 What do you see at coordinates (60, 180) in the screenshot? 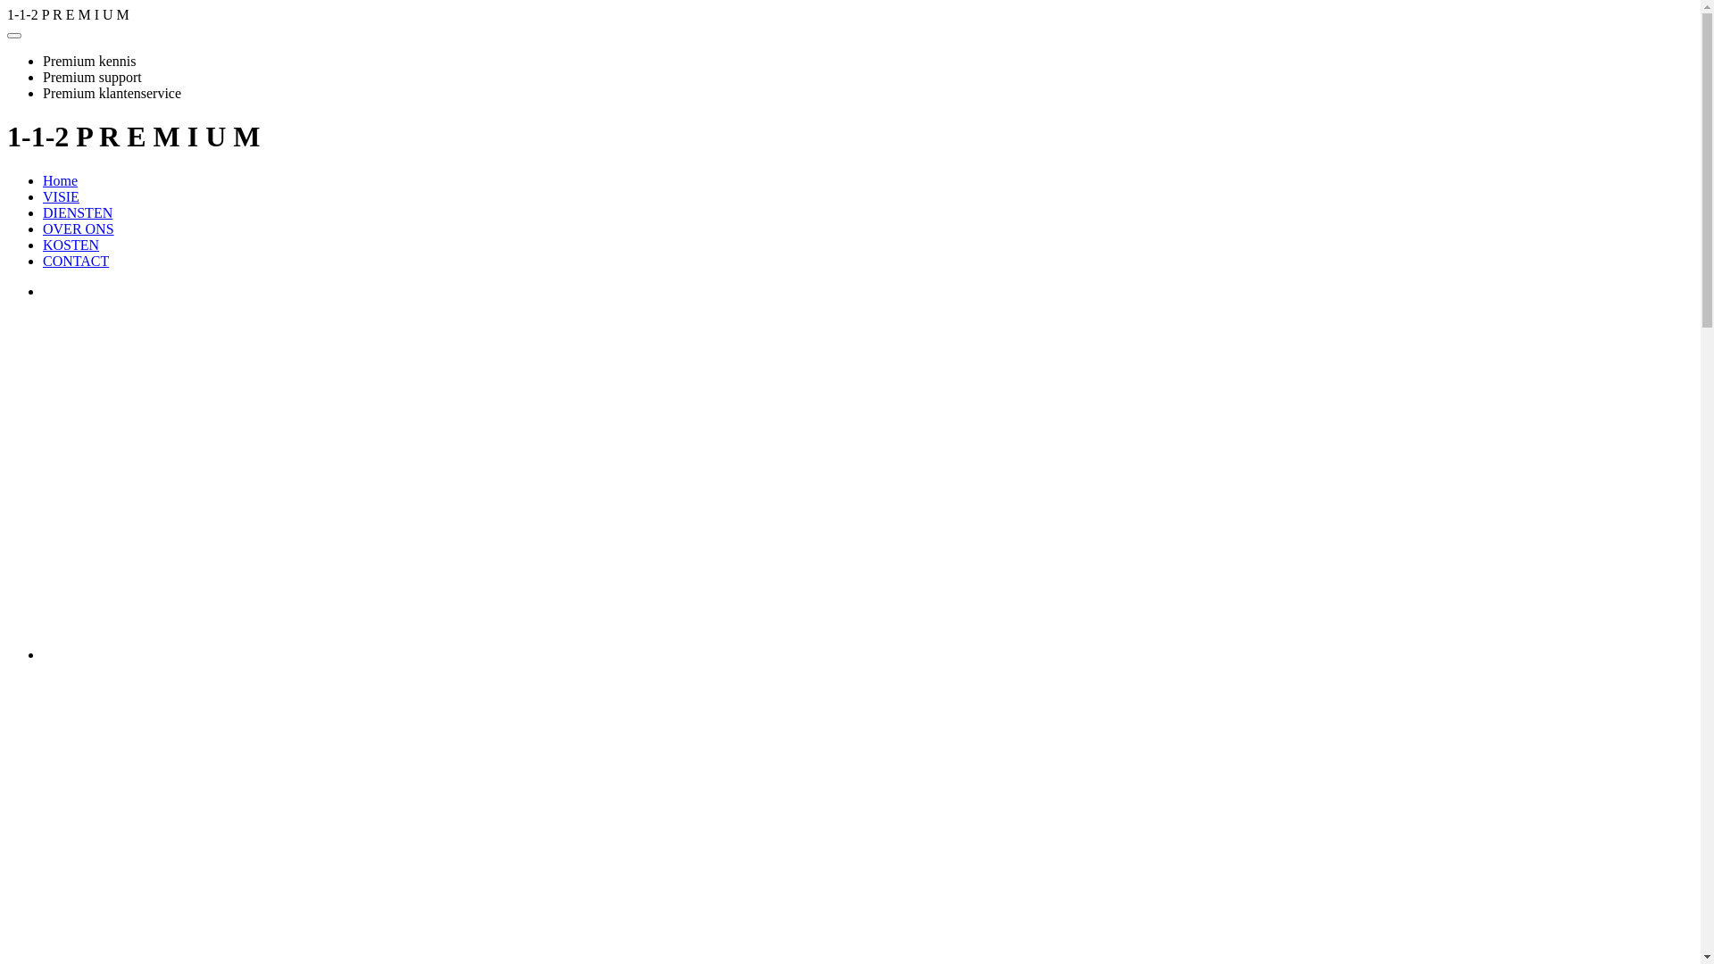
I see `'Home'` at bounding box center [60, 180].